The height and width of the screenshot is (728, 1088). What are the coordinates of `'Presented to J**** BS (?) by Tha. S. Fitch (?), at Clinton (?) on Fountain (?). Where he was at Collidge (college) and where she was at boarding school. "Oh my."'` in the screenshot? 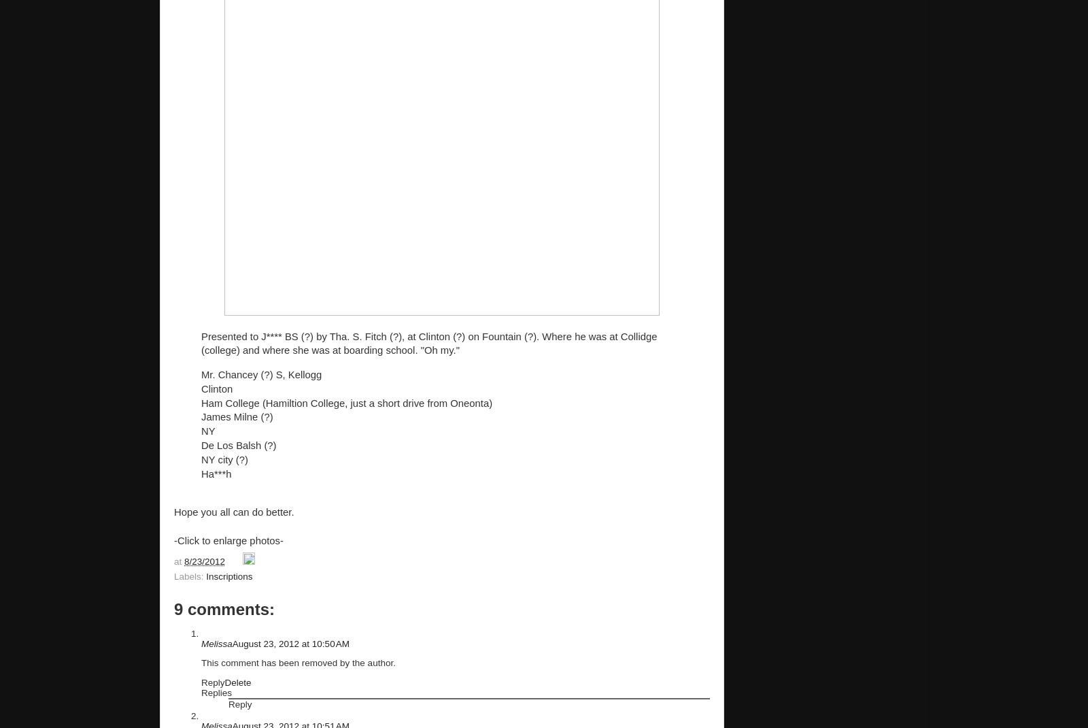 It's located at (201, 343).